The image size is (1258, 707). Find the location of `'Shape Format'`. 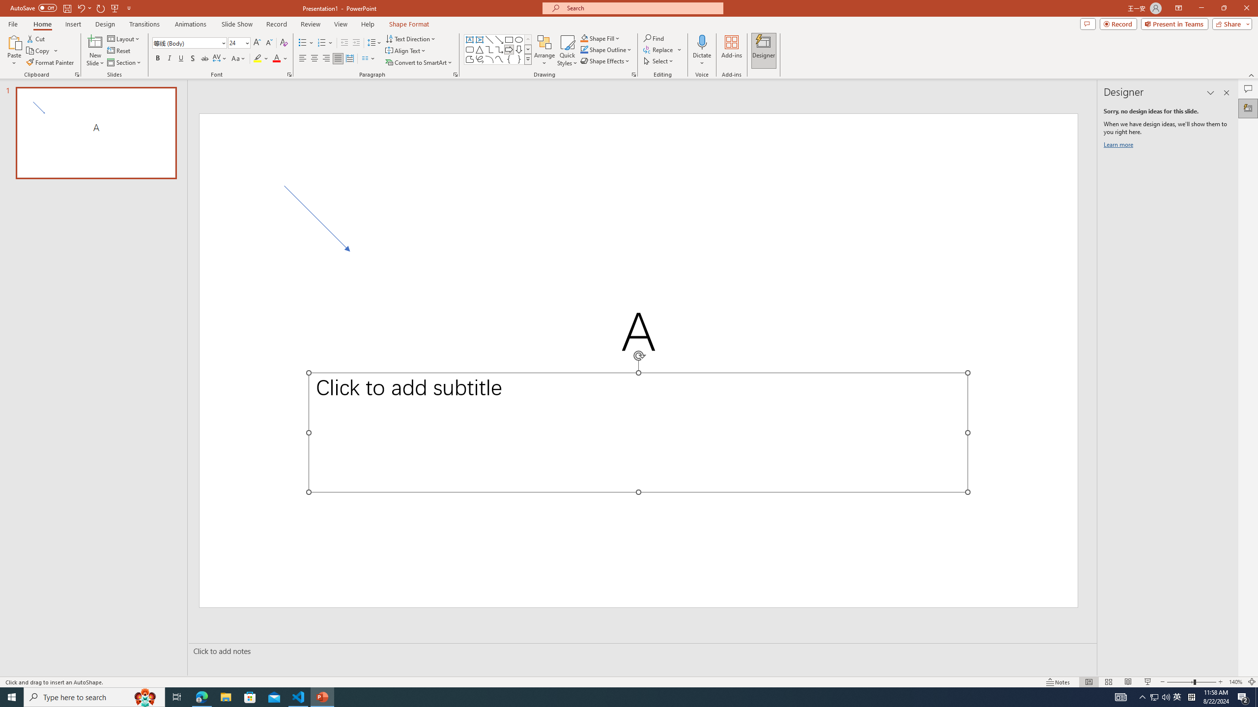

'Shape Format' is located at coordinates (409, 24).